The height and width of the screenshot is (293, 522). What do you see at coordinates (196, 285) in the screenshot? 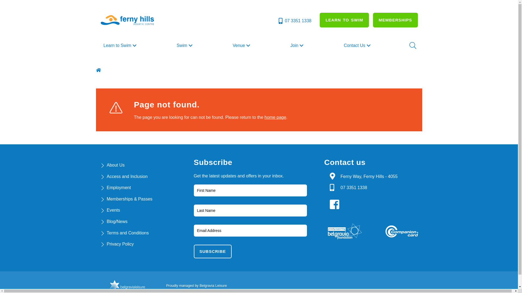
I see `'Proudly managed by Belgravia Leisure'` at bounding box center [196, 285].